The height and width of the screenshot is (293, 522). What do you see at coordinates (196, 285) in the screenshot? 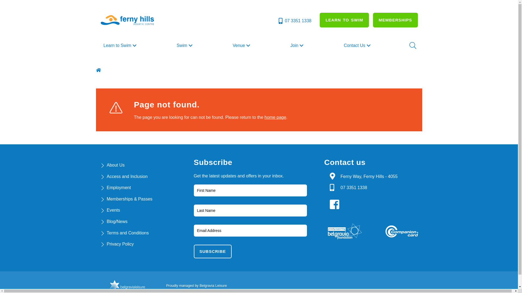
I see `'Proudly managed by Belgravia Leisure'` at bounding box center [196, 285].